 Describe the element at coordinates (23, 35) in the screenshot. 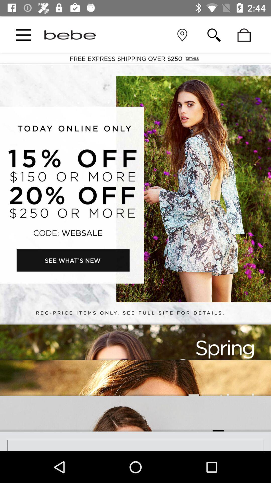

I see `open menu` at that location.